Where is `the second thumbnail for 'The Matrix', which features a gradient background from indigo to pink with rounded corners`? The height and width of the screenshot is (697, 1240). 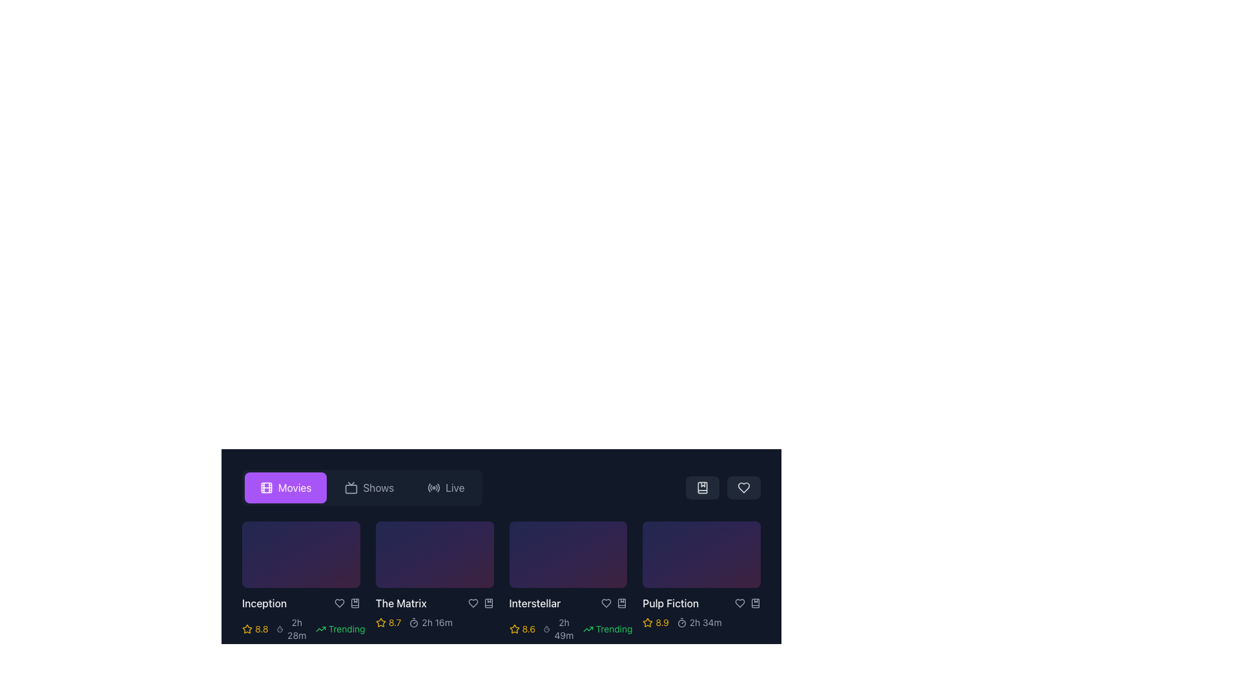
the second thumbnail for 'The Matrix', which features a gradient background from indigo to pink with rounded corners is located at coordinates (435, 554).